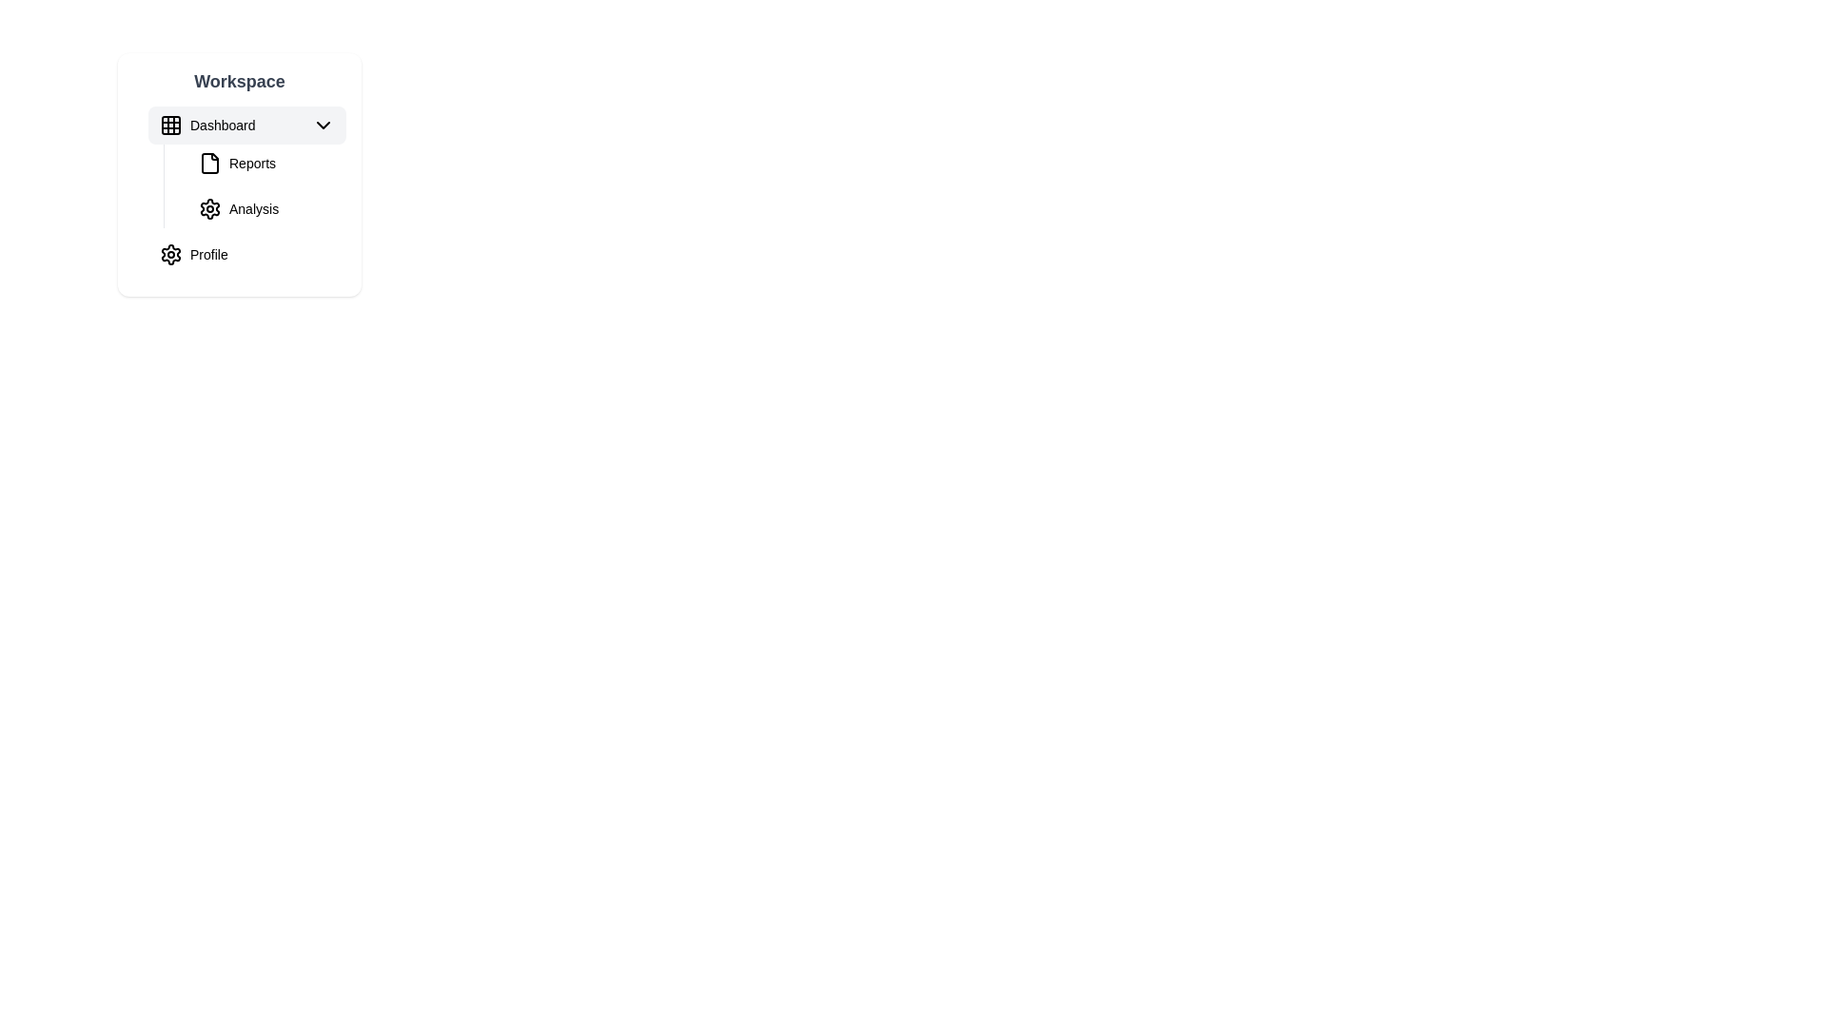 This screenshot has height=1027, width=1827. Describe the element at coordinates (171, 253) in the screenshot. I see `the gear icon located to the left of the 'Profile' text in the vertical navigation menu to interact with the settings entry` at that location.